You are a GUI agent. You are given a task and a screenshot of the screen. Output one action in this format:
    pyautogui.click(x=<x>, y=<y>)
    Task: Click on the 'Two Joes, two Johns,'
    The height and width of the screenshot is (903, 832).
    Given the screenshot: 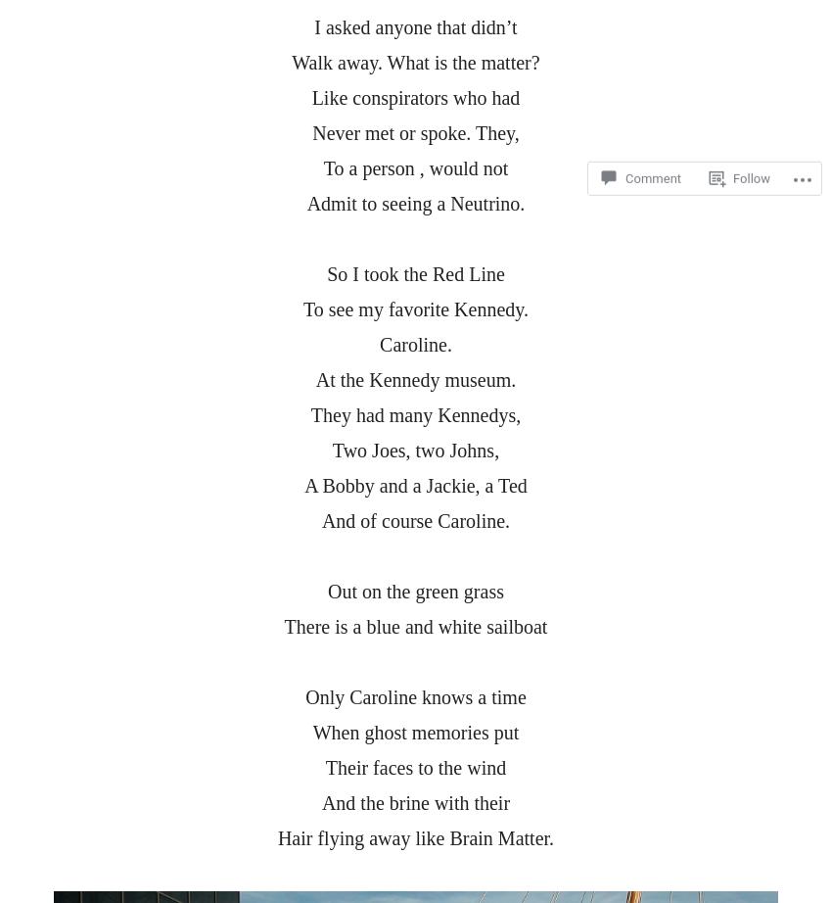 What is the action you would take?
    pyautogui.click(x=415, y=449)
    